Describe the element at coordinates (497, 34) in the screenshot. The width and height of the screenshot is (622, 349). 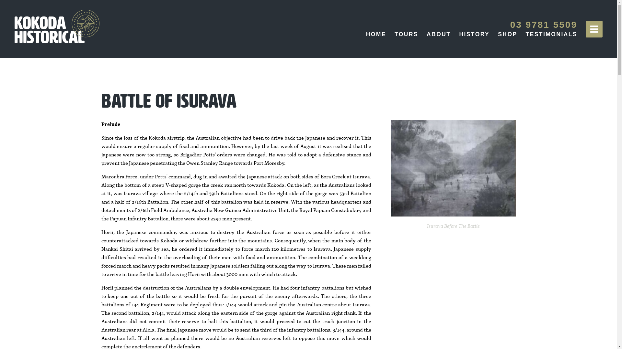
I see `'SHOP'` at that location.